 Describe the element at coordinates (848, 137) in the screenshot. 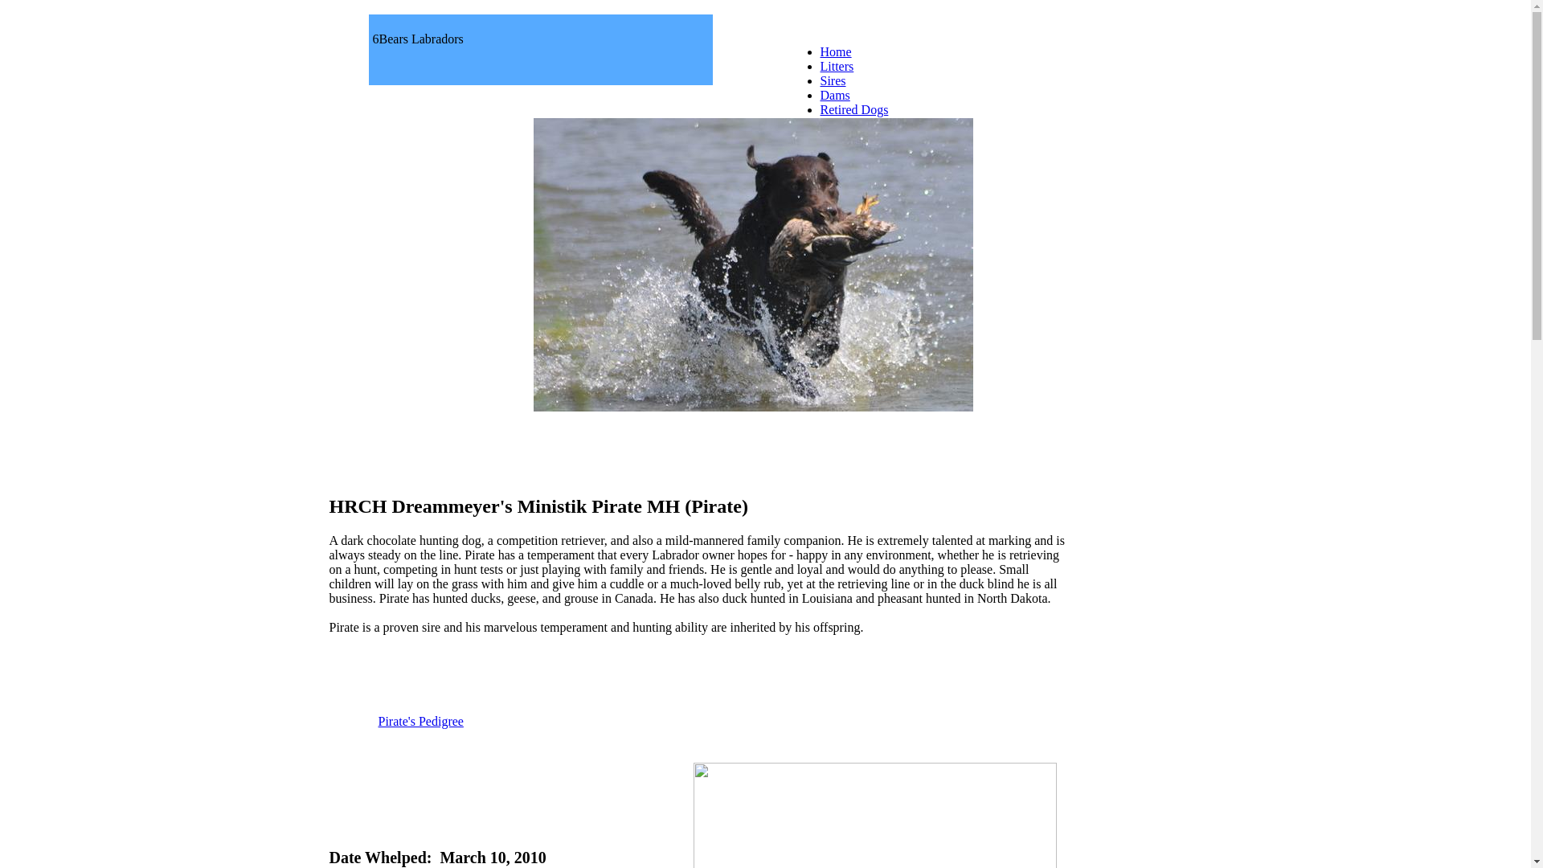

I see `'Contact Us'` at that location.